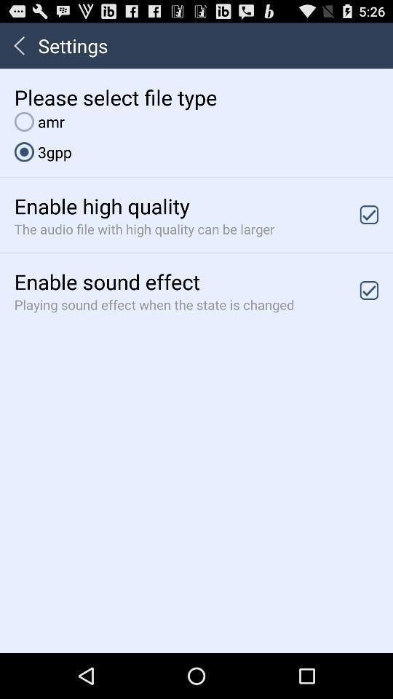  What do you see at coordinates (369, 289) in the screenshot?
I see `sound effect` at bounding box center [369, 289].